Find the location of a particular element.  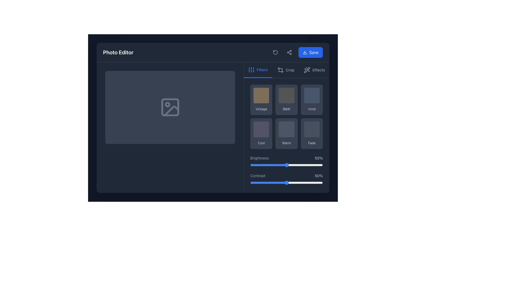

the share icon button located on the right side of the toolbar to initiate sharing is located at coordinates (289, 52).